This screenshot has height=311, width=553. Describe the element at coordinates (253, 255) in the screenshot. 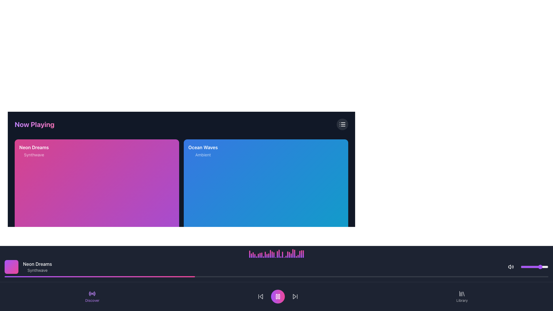

I see `the third graphical audio bar located at the bottom of the page` at that location.